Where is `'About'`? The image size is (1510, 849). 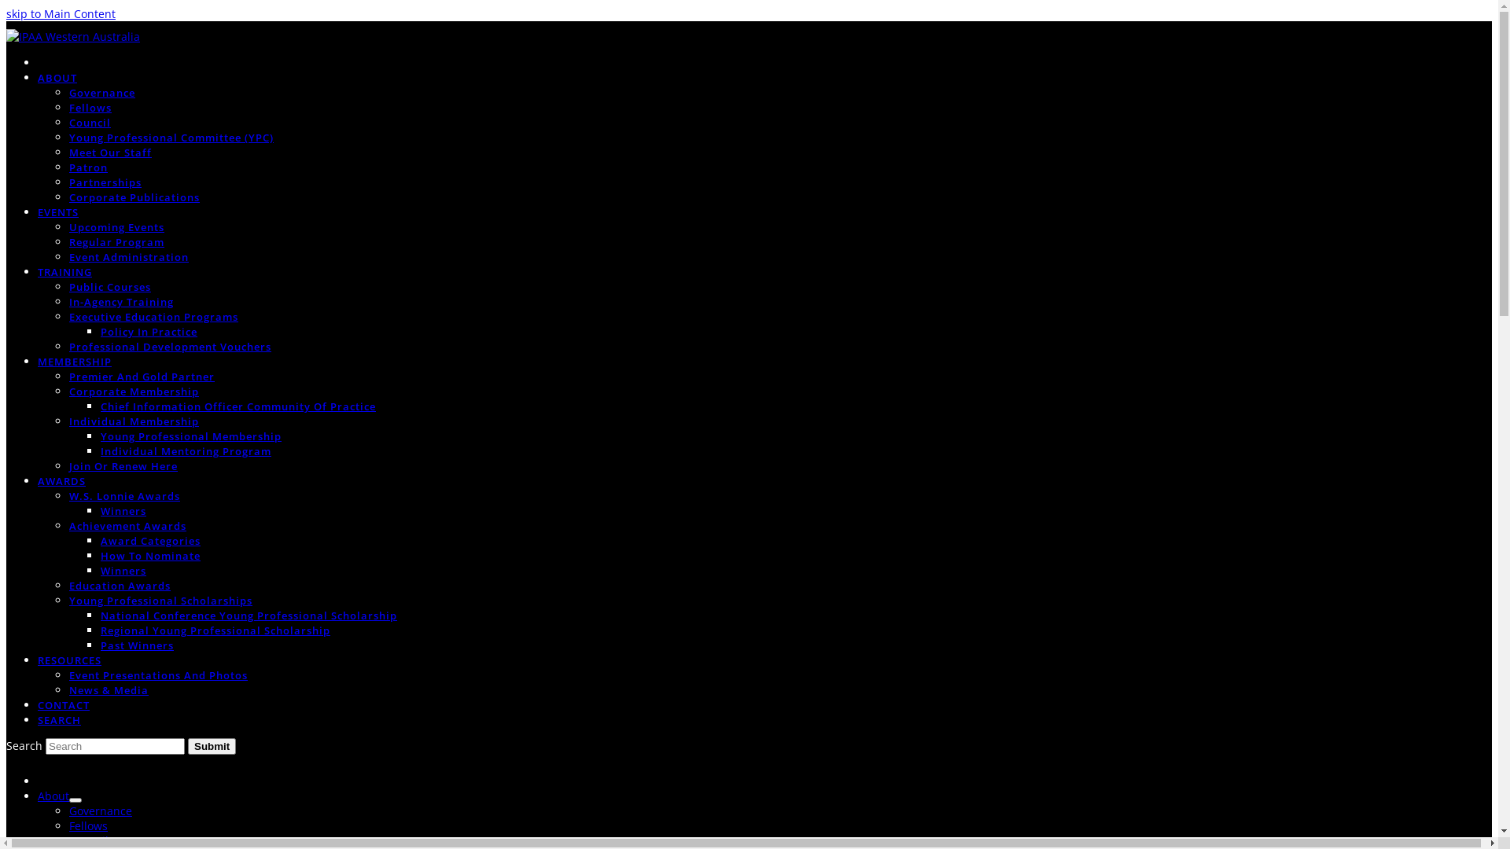
'About' is located at coordinates (53, 796).